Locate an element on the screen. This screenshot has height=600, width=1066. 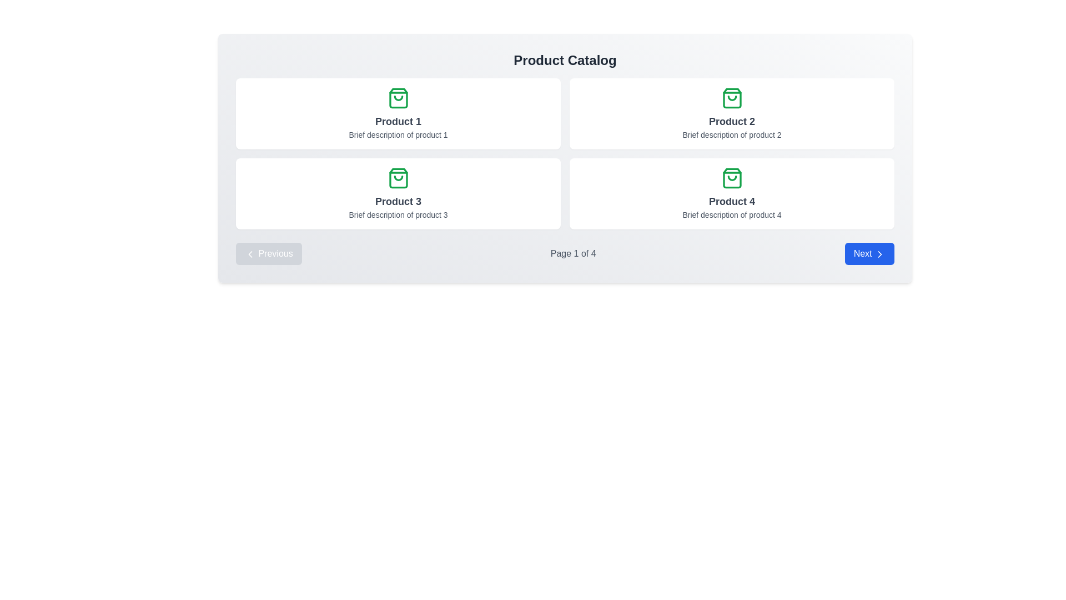
shopping bag icon component located at the bottom of the 'Product 4' card in the product grid layout for design details is located at coordinates (732, 177).